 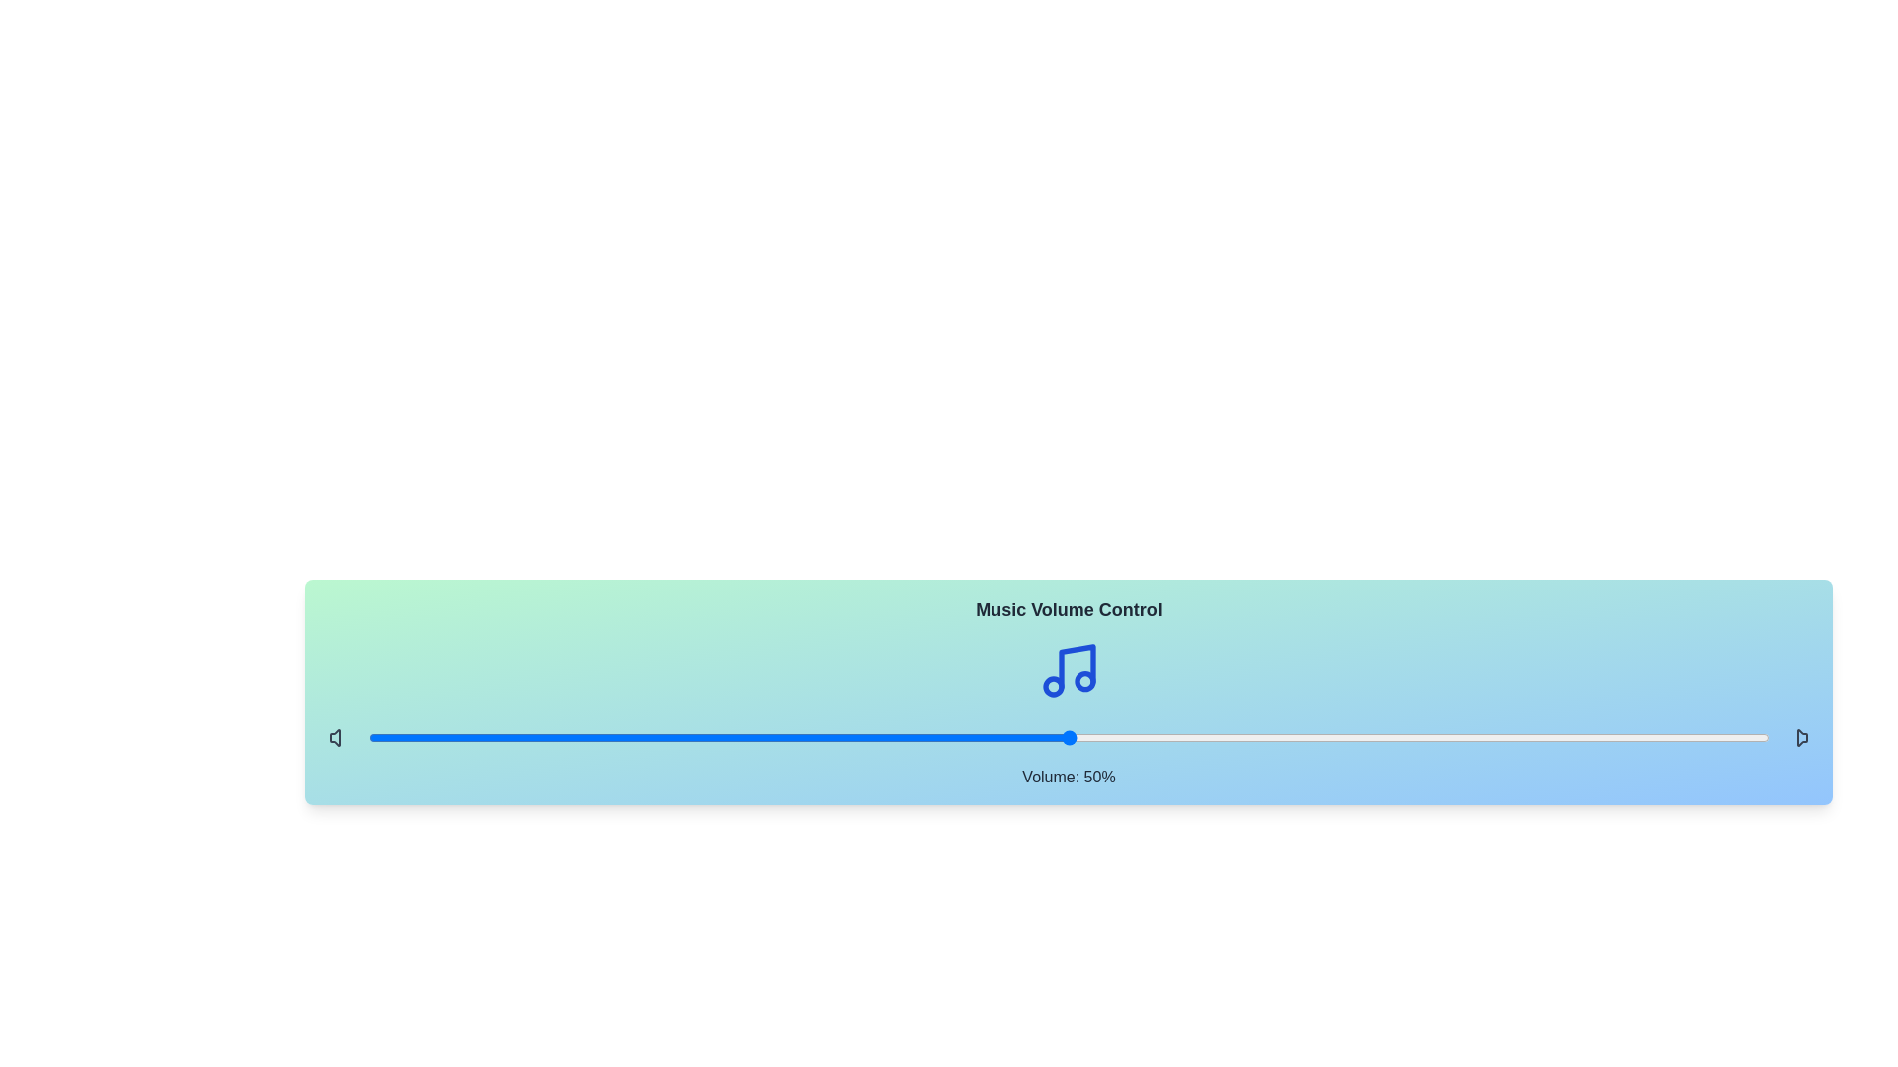 What do you see at coordinates (437, 738) in the screenshot?
I see `the volume slider to 5%` at bounding box center [437, 738].